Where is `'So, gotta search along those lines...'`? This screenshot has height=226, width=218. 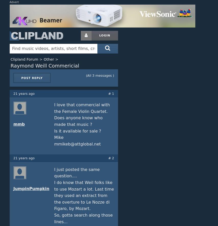 'So, gotta search along those lines...' is located at coordinates (83, 218).